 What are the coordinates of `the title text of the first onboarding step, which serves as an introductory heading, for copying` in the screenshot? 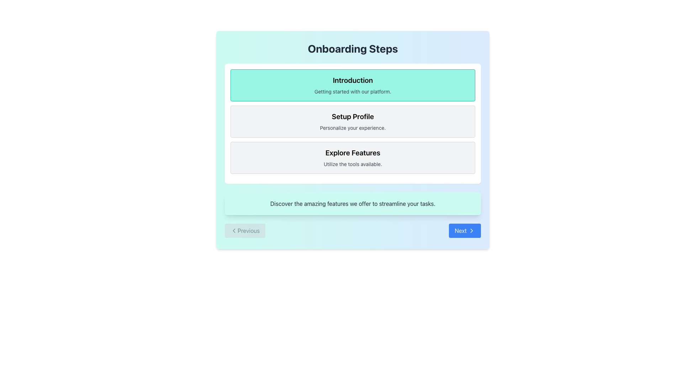 It's located at (353, 80).